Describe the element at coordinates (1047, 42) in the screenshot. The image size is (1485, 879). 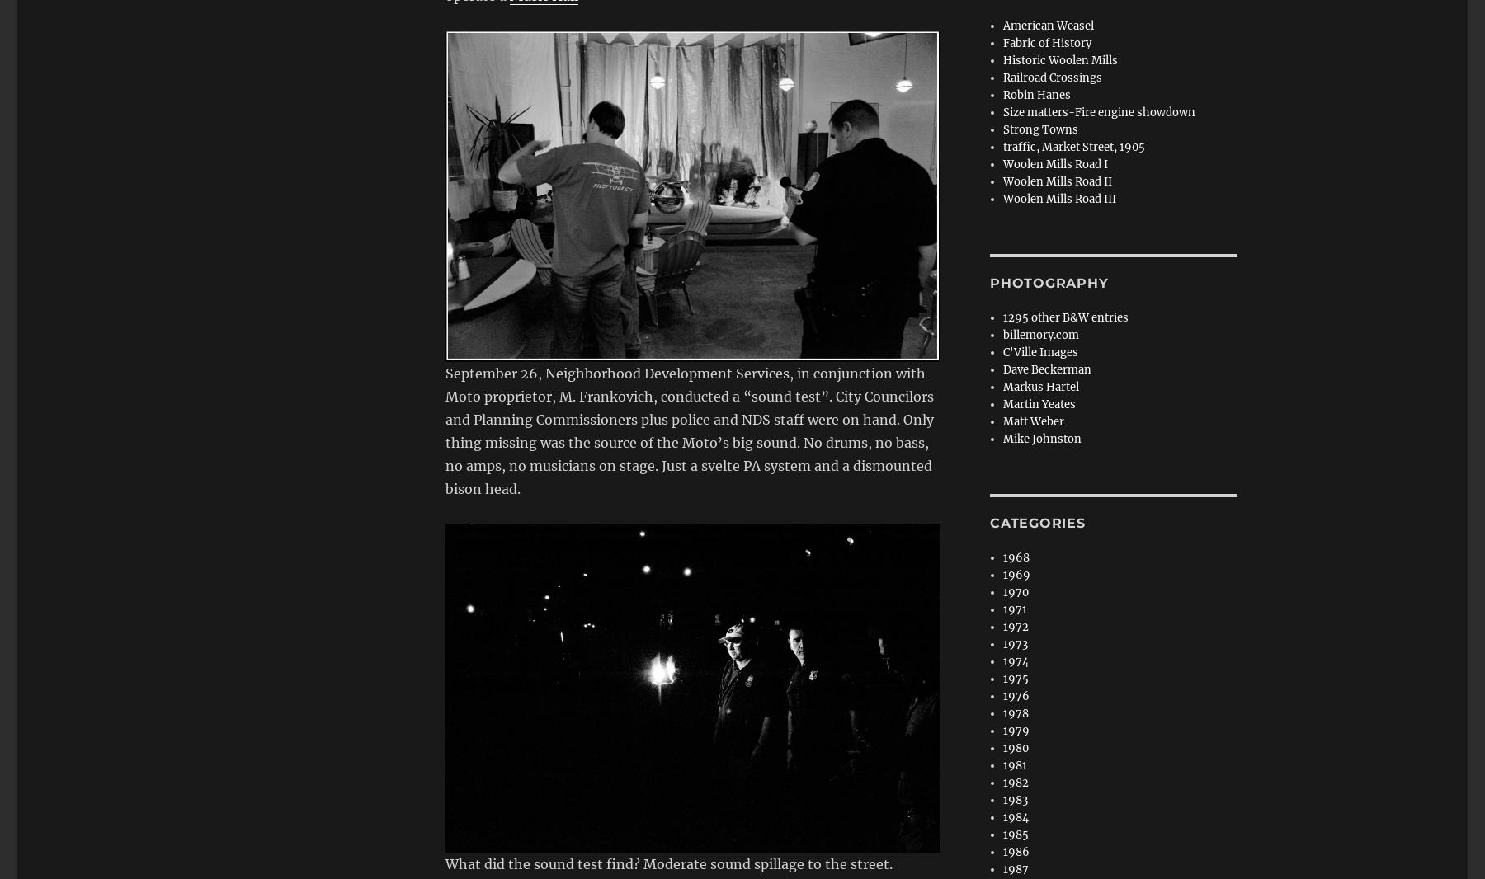
I see `'Fabric of History'` at that location.